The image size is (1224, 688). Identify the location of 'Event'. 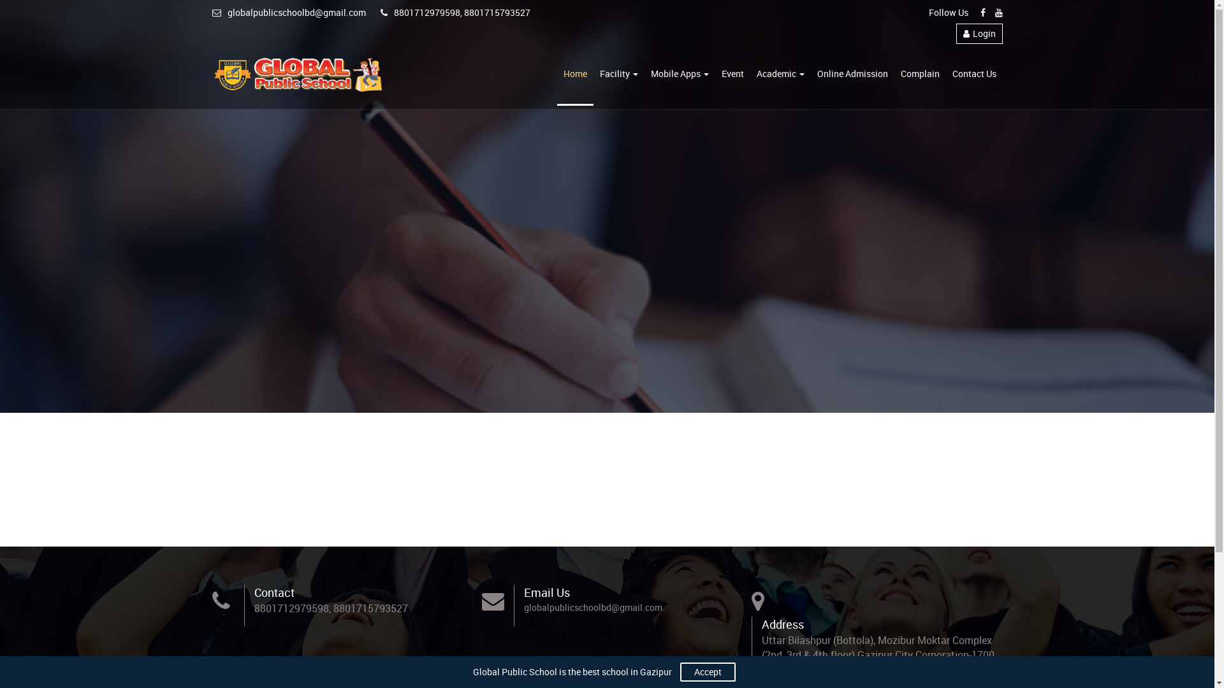
(732, 75).